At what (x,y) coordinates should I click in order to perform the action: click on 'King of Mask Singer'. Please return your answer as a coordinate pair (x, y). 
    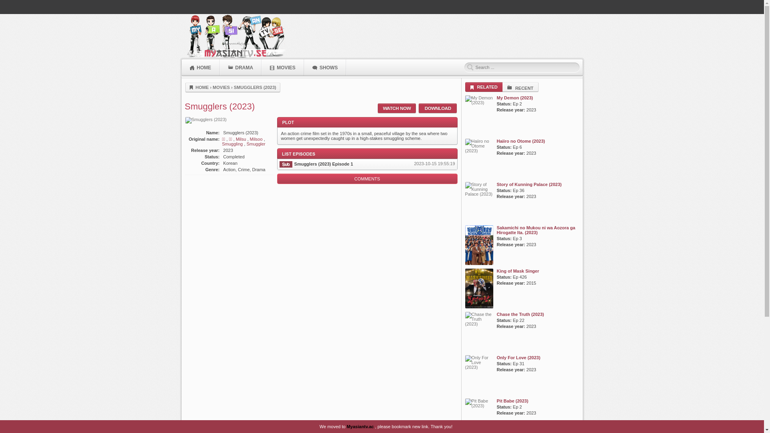
    Looking at the image, I should click on (518, 271).